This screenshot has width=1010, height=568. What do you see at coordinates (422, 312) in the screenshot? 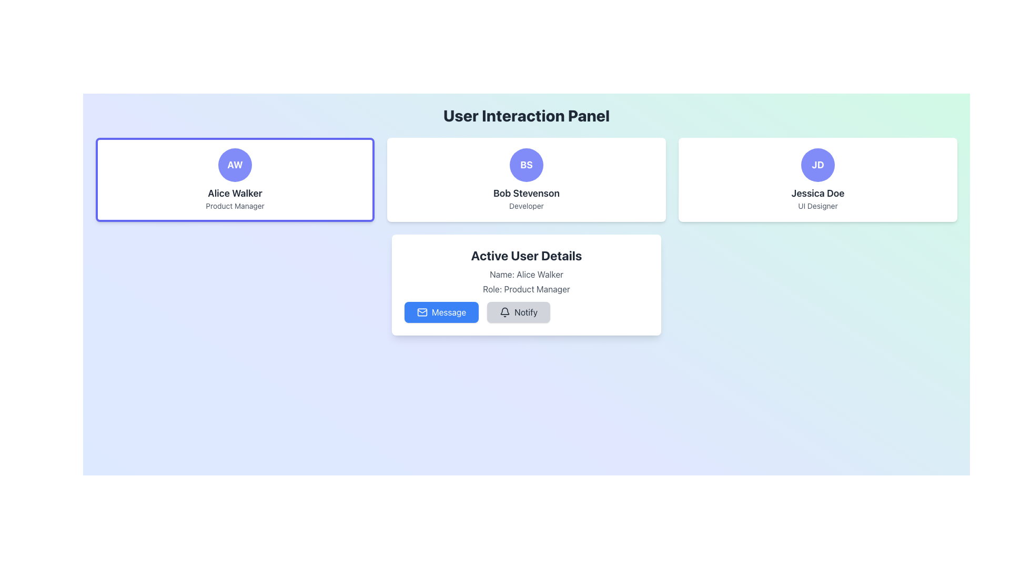
I see `the blue button containing the SVG Rectangle that represents the envelope icon for messaging functionality in the 'Active User Details' panel` at bounding box center [422, 312].